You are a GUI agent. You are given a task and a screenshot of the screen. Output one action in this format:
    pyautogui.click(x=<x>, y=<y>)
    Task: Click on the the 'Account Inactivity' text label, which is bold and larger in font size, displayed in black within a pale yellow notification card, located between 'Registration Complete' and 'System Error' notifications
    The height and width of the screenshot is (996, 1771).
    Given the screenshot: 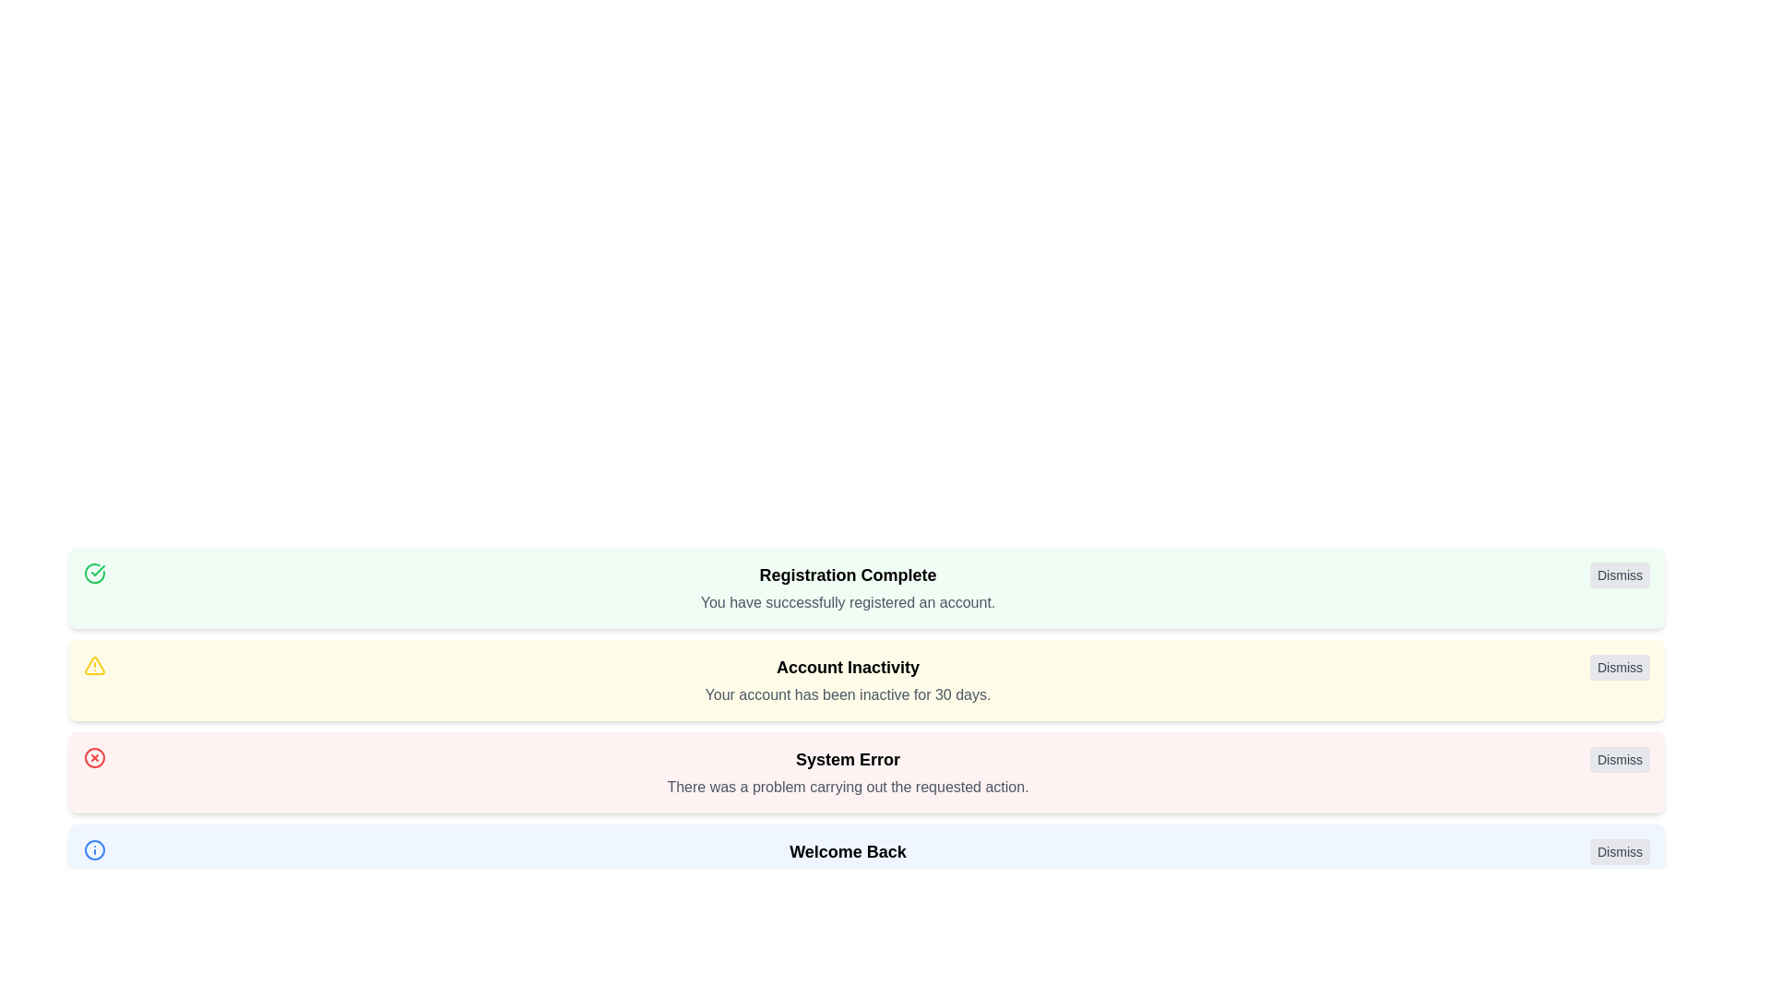 What is the action you would take?
    pyautogui.click(x=847, y=668)
    